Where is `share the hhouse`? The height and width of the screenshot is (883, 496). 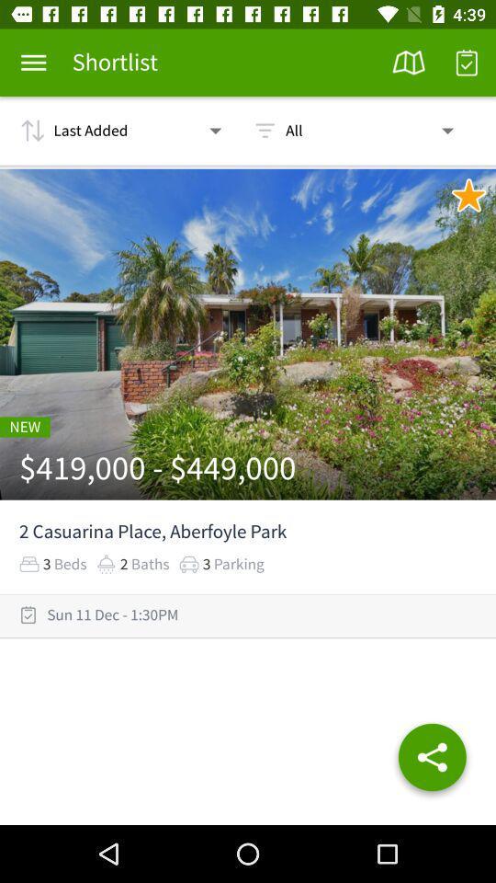 share the hhouse is located at coordinates (432, 761).